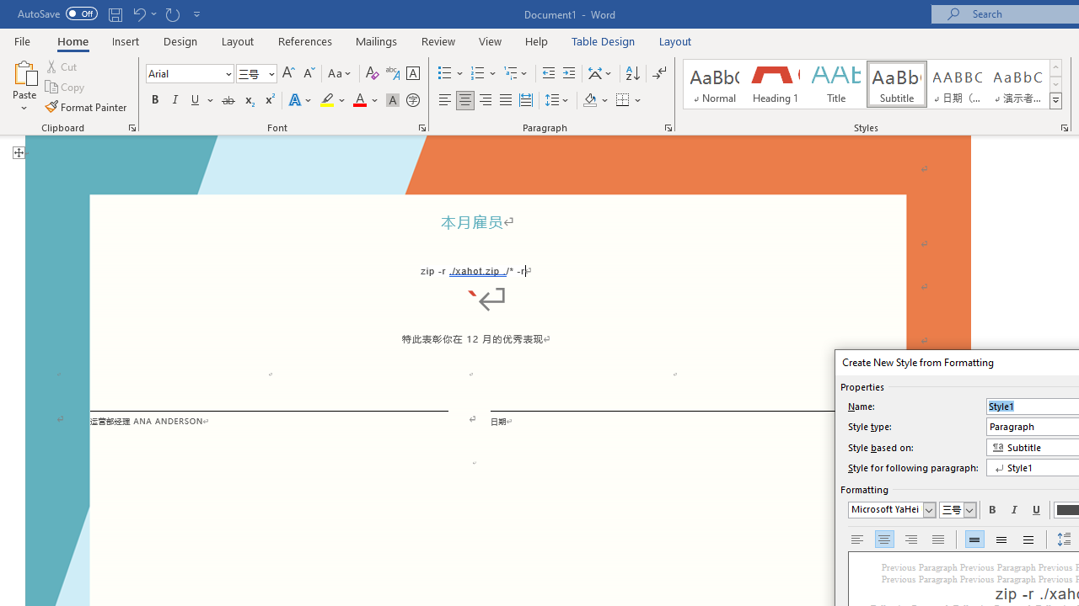 The width and height of the screenshot is (1079, 606). What do you see at coordinates (775, 84) in the screenshot?
I see `'Heading 1'` at bounding box center [775, 84].